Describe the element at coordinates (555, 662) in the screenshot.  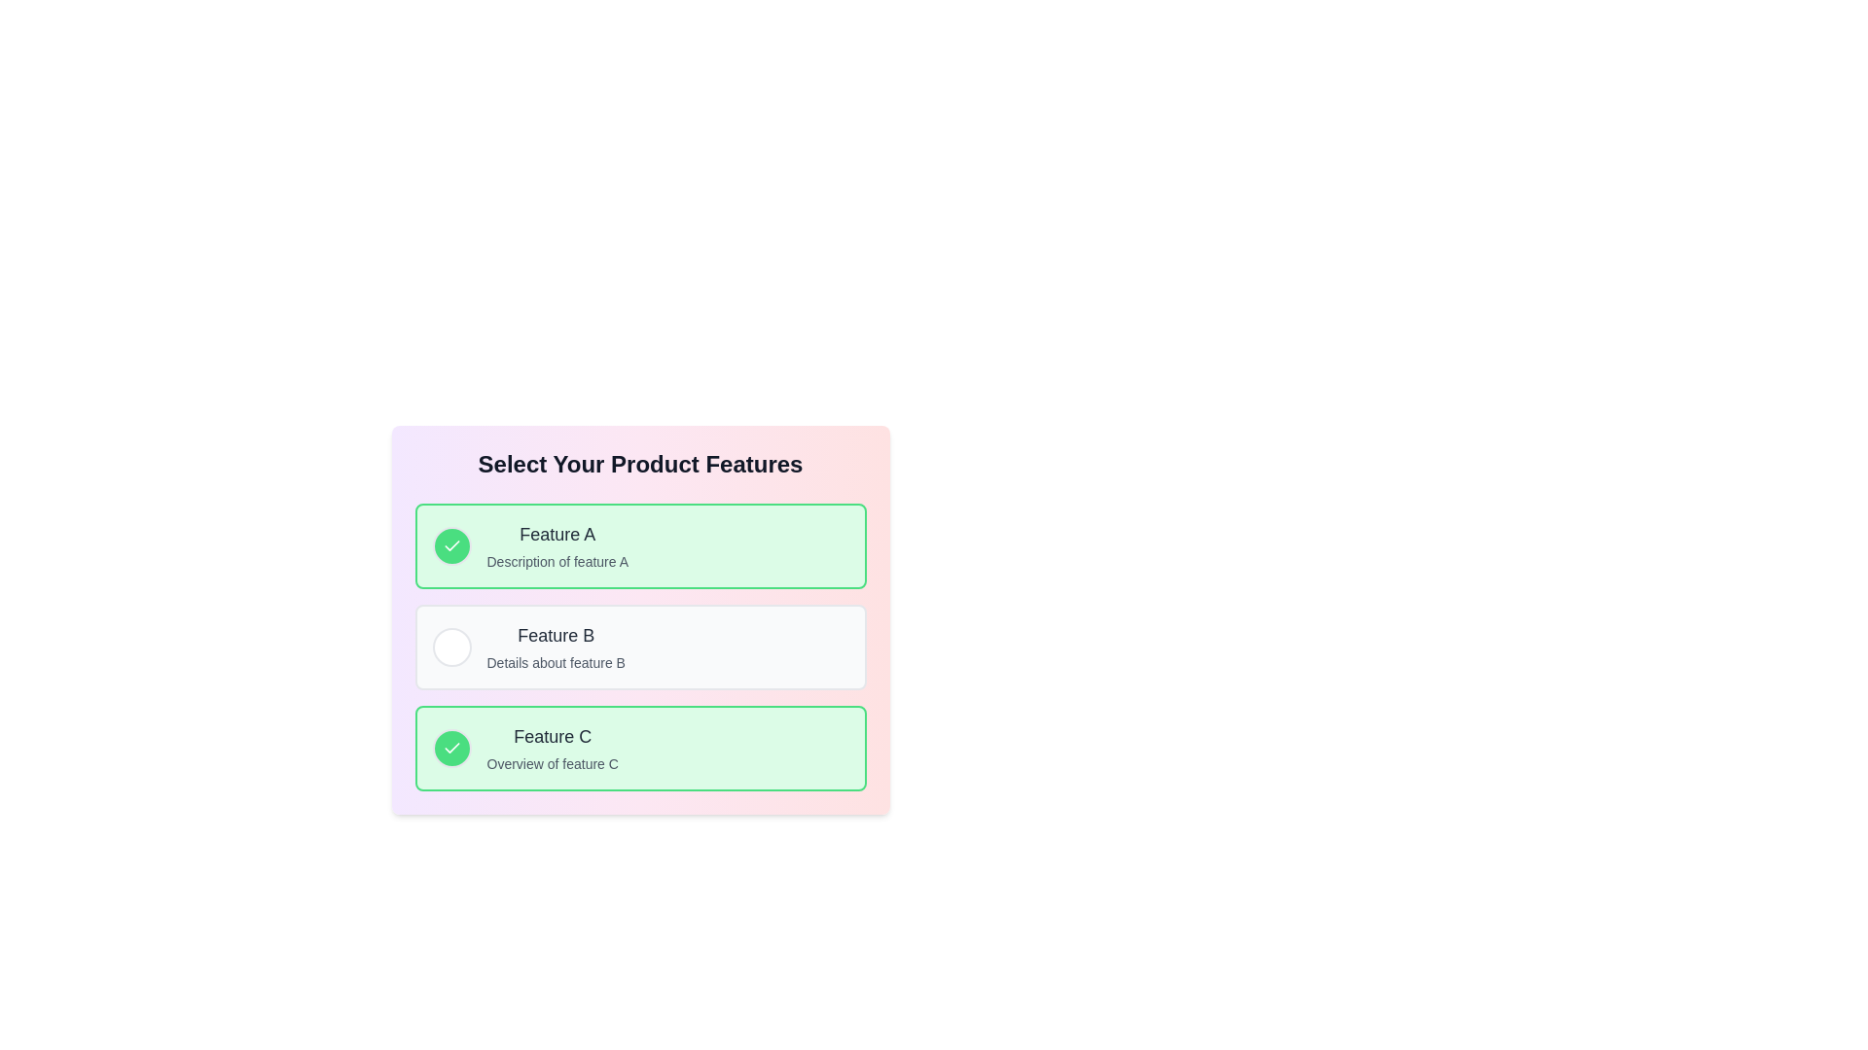
I see `the text label element reading 'Details about feature B', which is styled in a small, light gray font and located under the bold title 'Feature B'` at that location.